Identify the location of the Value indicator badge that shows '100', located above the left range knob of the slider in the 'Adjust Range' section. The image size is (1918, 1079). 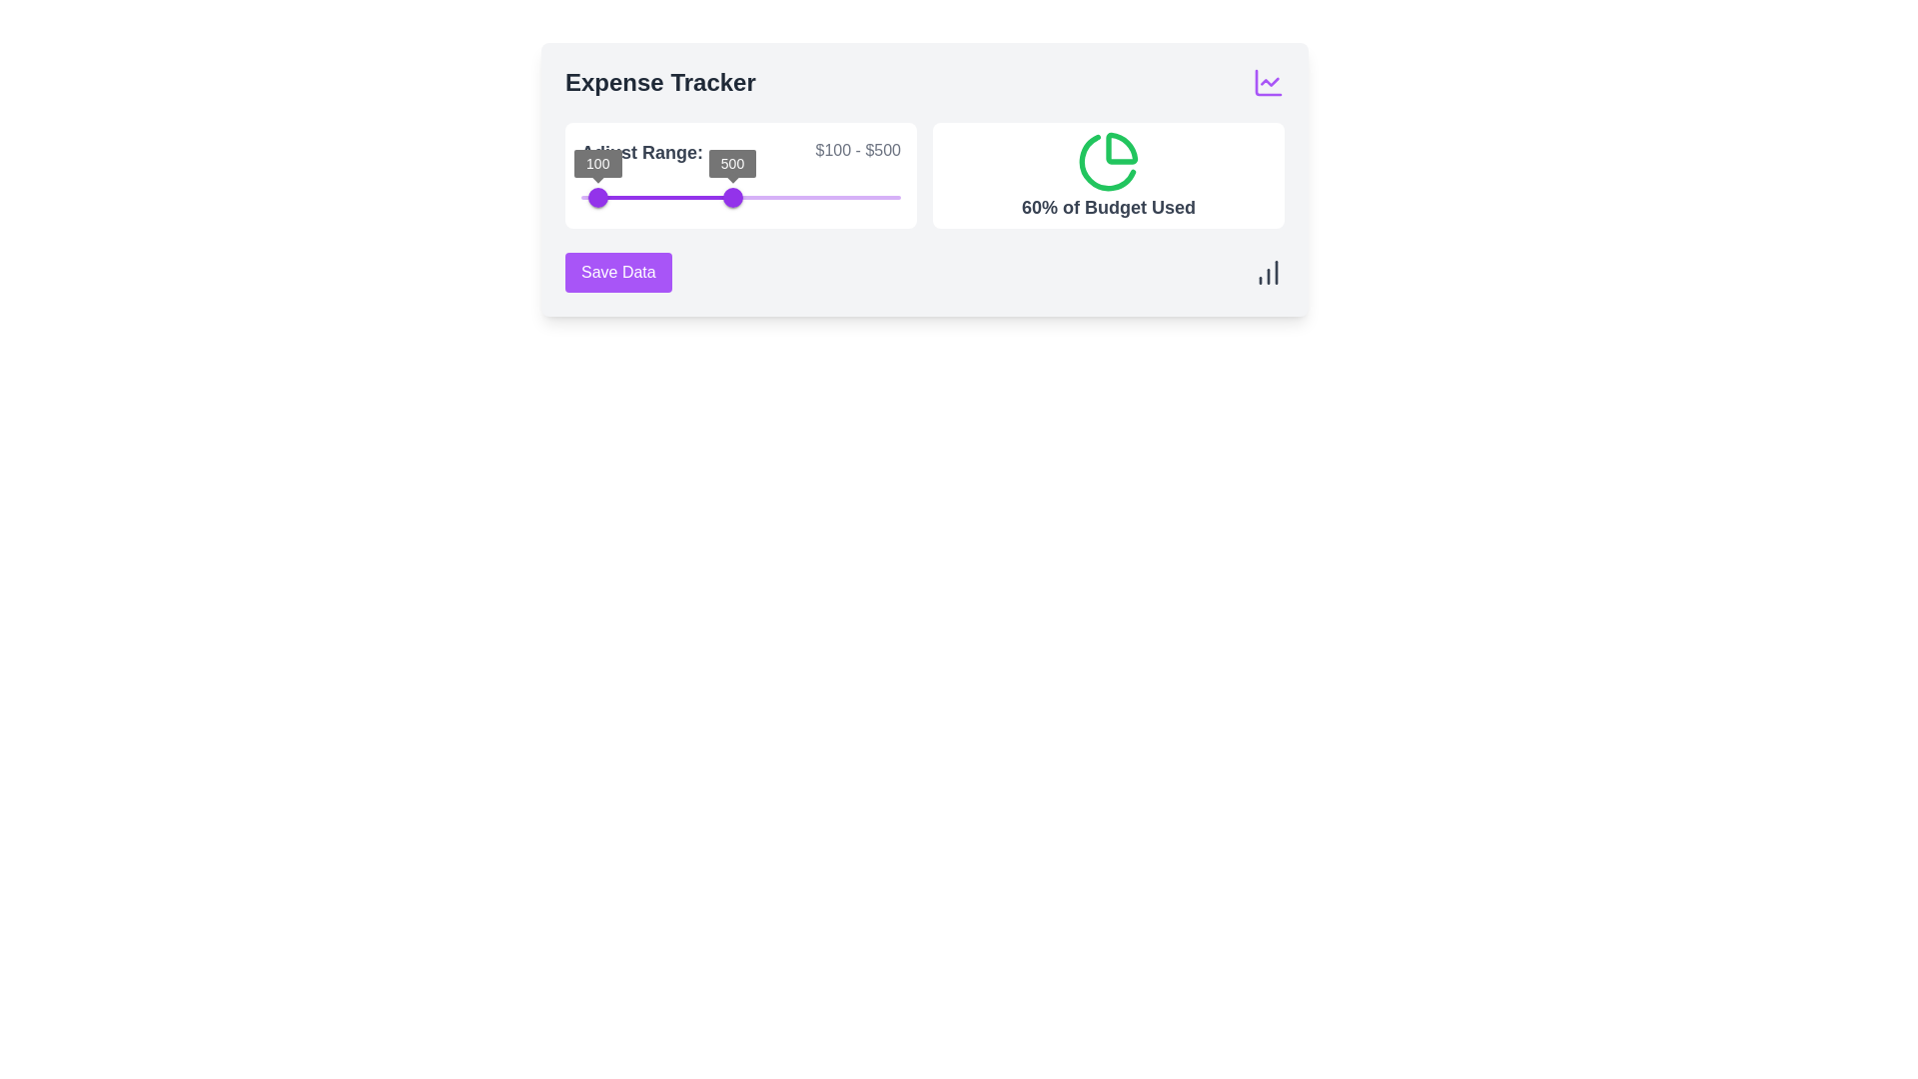
(596, 162).